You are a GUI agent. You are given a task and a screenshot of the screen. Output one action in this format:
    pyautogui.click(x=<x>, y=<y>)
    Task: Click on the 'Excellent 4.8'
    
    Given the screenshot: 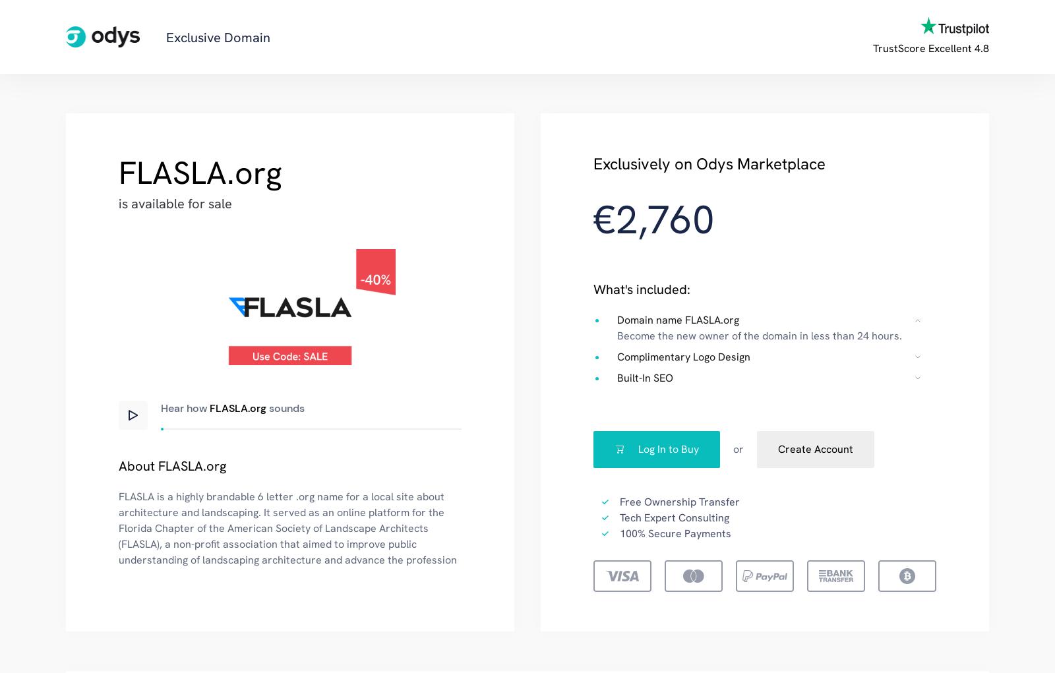 What is the action you would take?
    pyautogui.click(x=957, y=48)
    